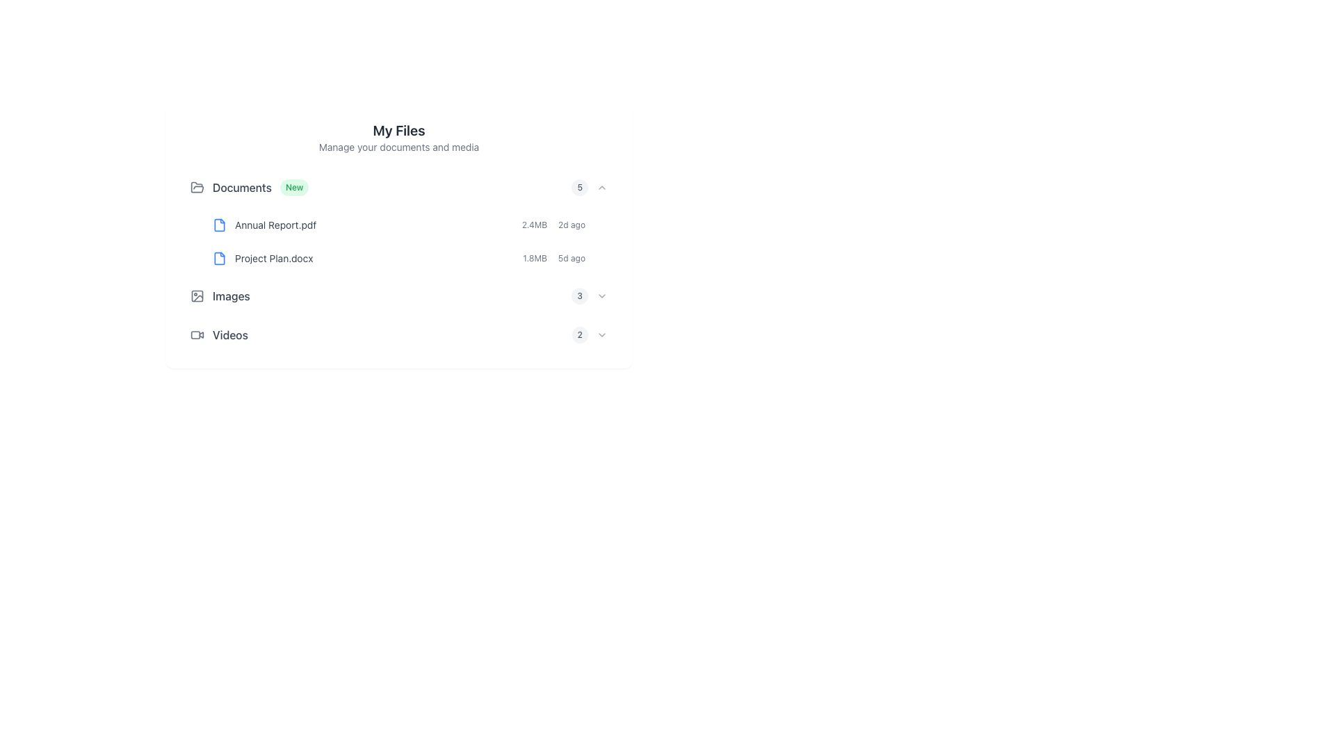 This screenshot has width=1335, height=751. Describe the element at coordinates (410, 258) in the screenshot. I see `on the second file entry under the 'Documents' section, which displays the file name 'Project Plan.docx'` at that location.